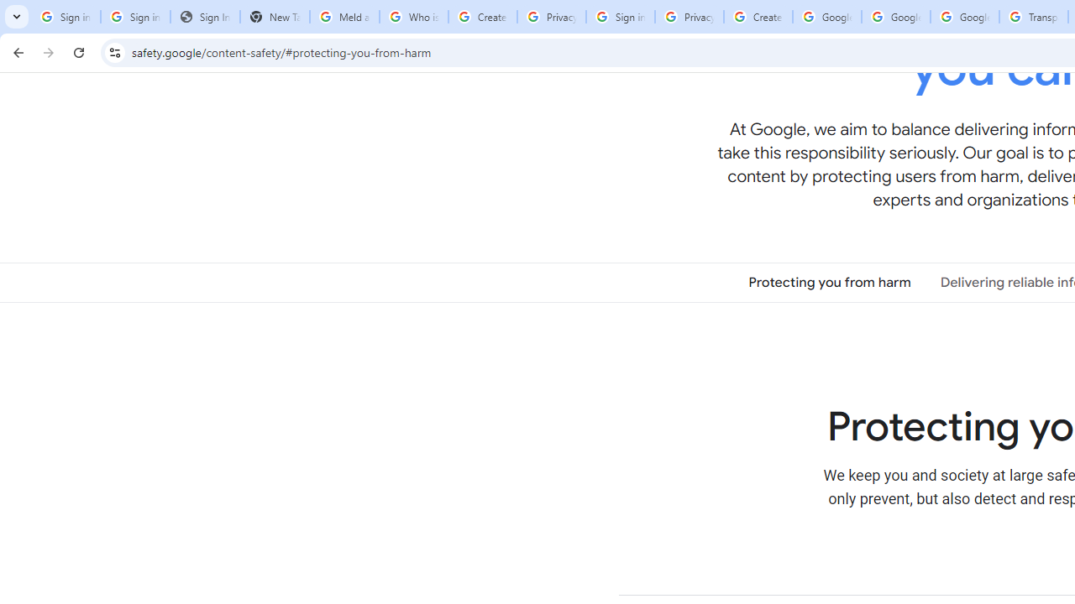 This screenshot has width=1075, height=604. I want to click on 'Sign in - Google Accounts', so click(619, 17).